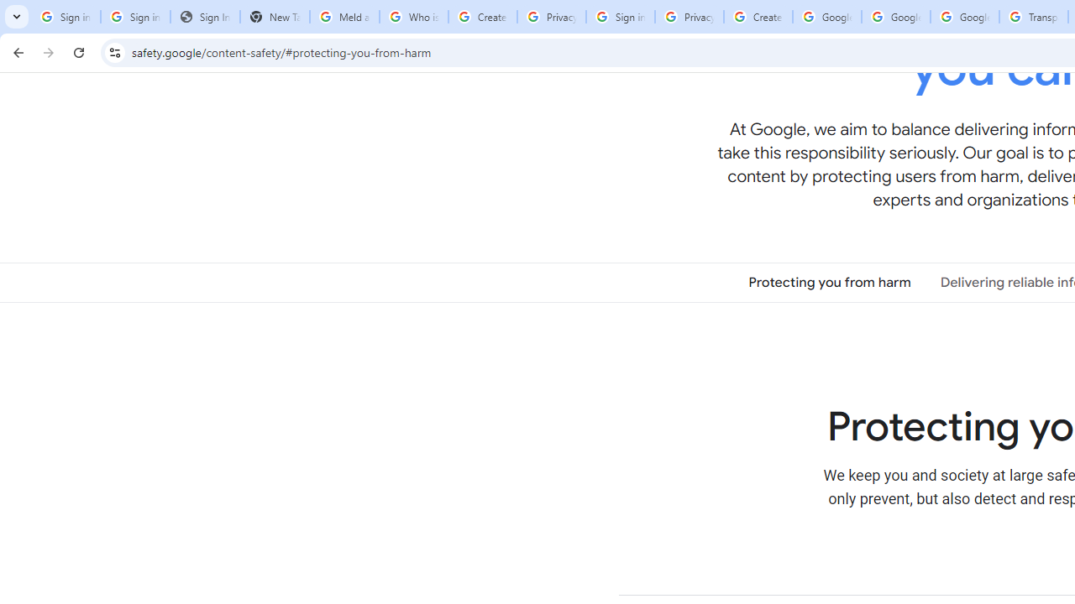 This screenshot has width=1075, height=604. I want to click on 'Sign in - Google Accounts', so click(619, 17).